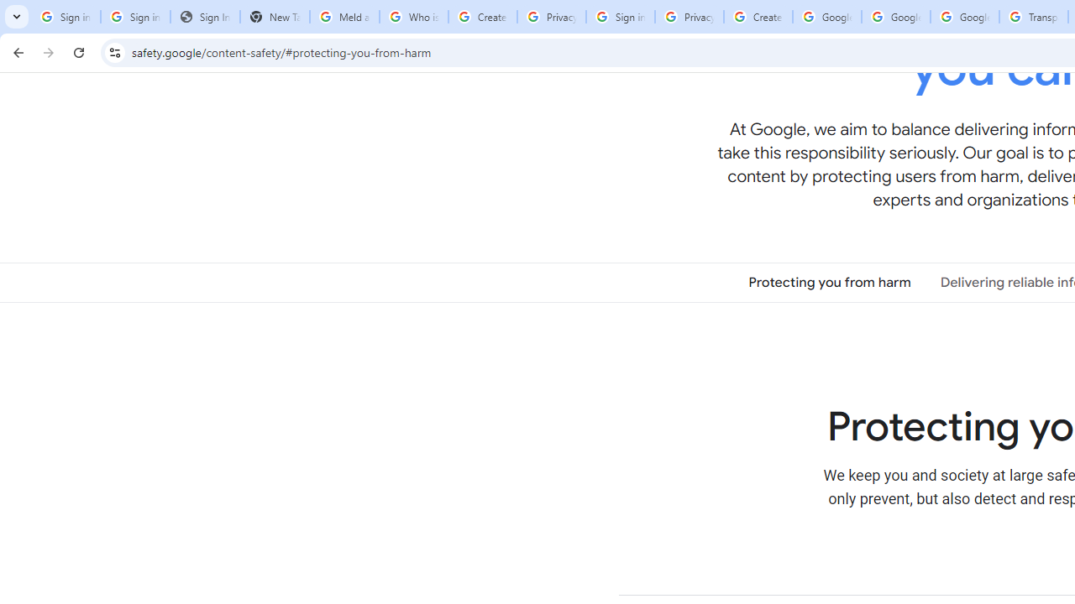 This screenshot has width=1075, height=604. I want to click on 'Sign in - Google Accounts', so click(619, 17).